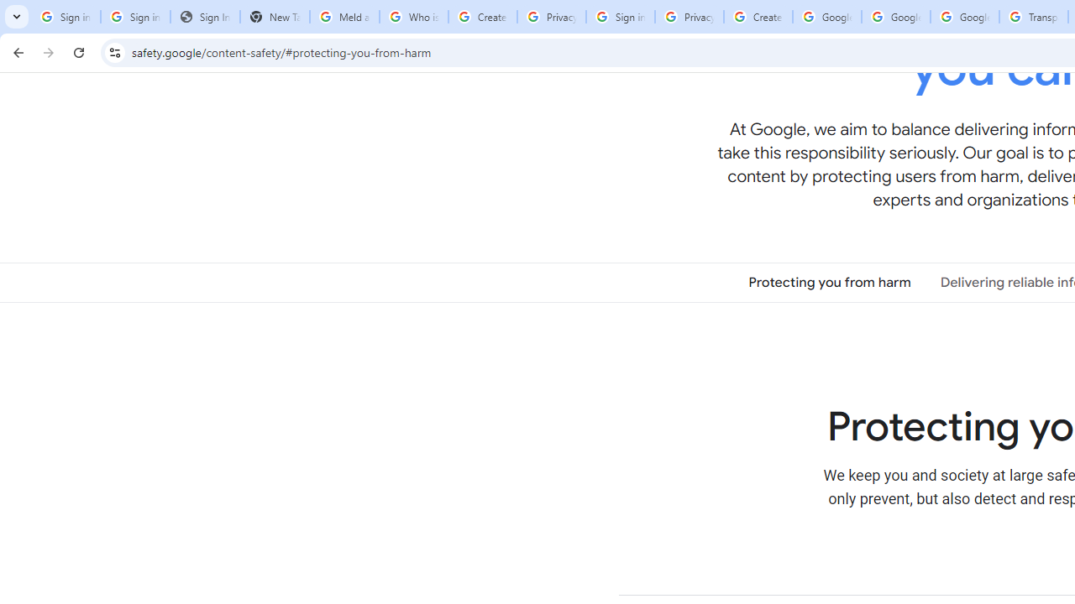 This screenshot has width=1075, height=604. I want to click on 'Sign in - Google Accounts', so click(619, 17).